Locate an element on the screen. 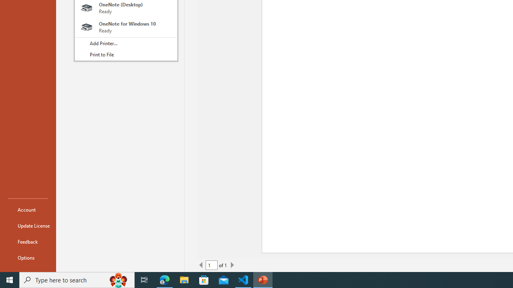 The image size is (513, 288). 'Update License' is located at coordinates (28, 226).